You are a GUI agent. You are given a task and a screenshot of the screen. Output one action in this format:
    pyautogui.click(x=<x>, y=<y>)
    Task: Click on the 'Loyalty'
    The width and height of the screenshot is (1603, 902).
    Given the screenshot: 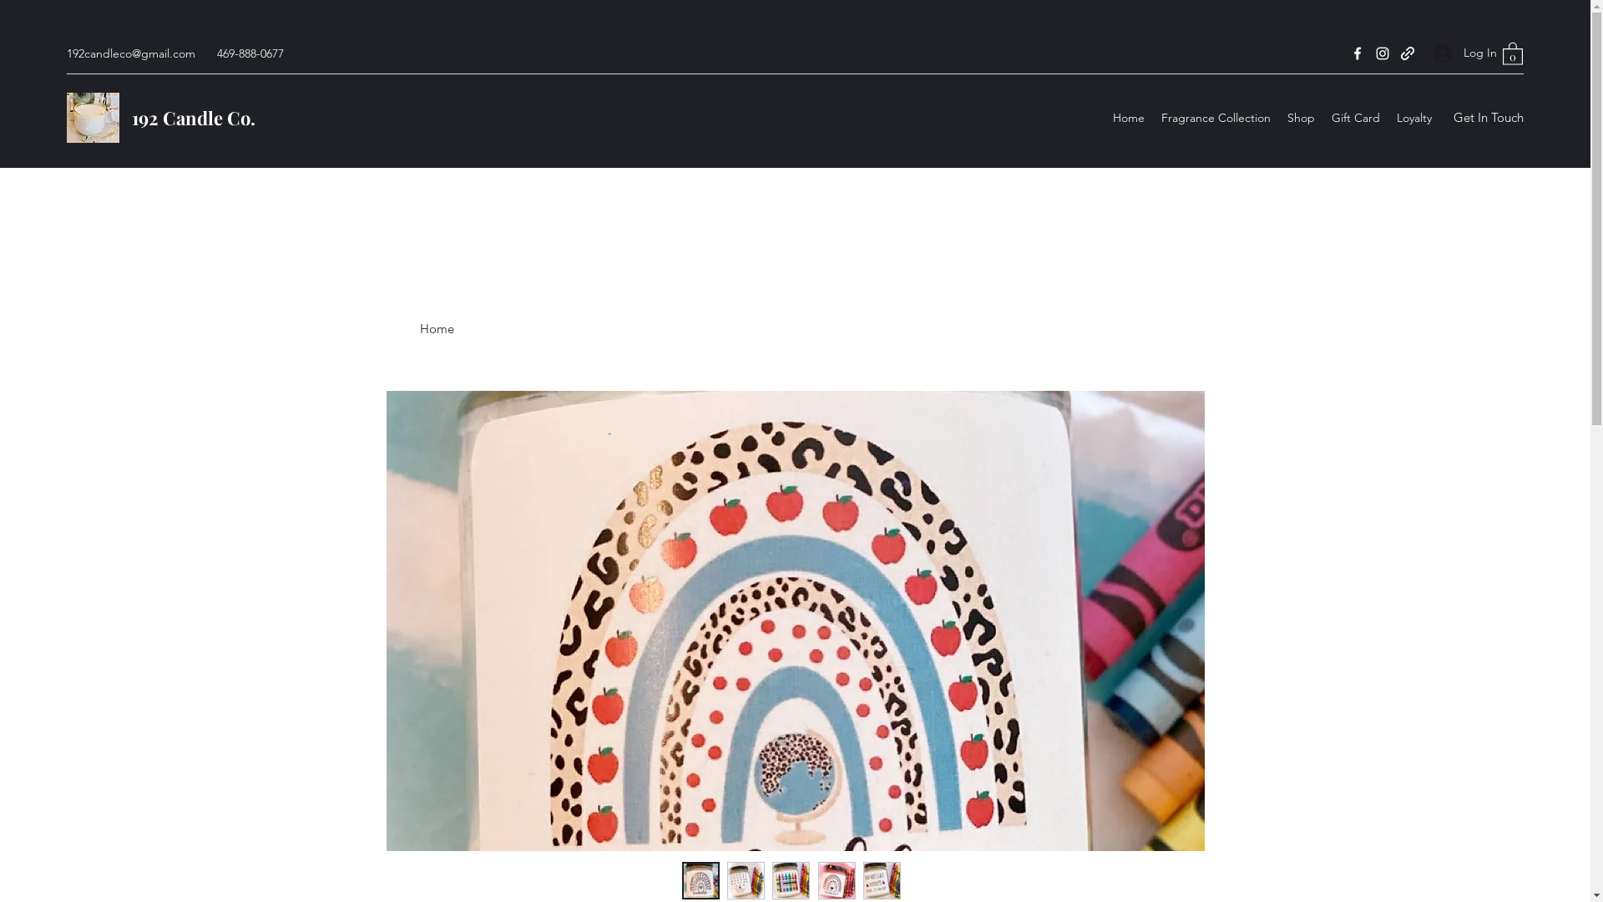 What is the action you would take?
    pyautogui.click(x=1413, y=117)
    